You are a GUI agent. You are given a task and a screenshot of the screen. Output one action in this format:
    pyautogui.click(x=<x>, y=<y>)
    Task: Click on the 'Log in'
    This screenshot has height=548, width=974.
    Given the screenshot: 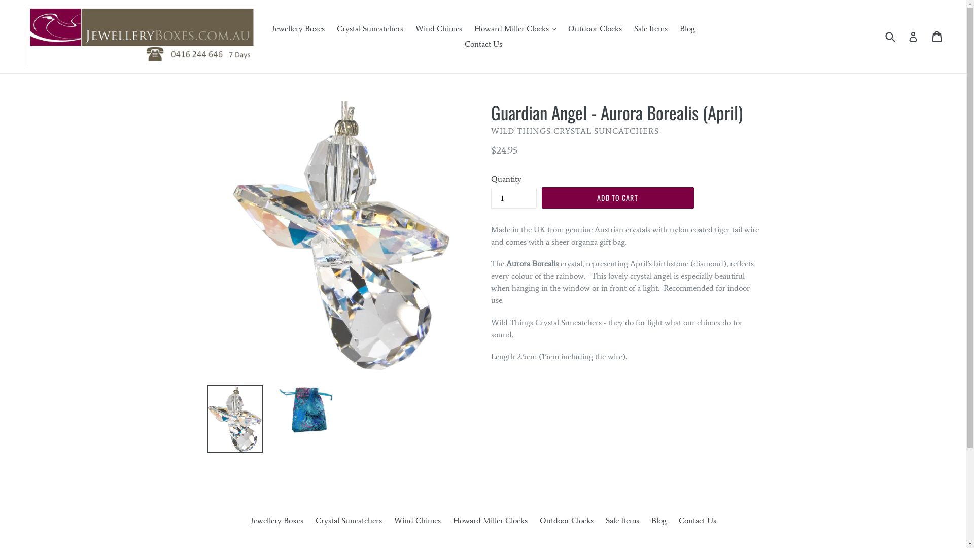 What is the action you would take?
    pyautogui.click(x=913, y=36)
    